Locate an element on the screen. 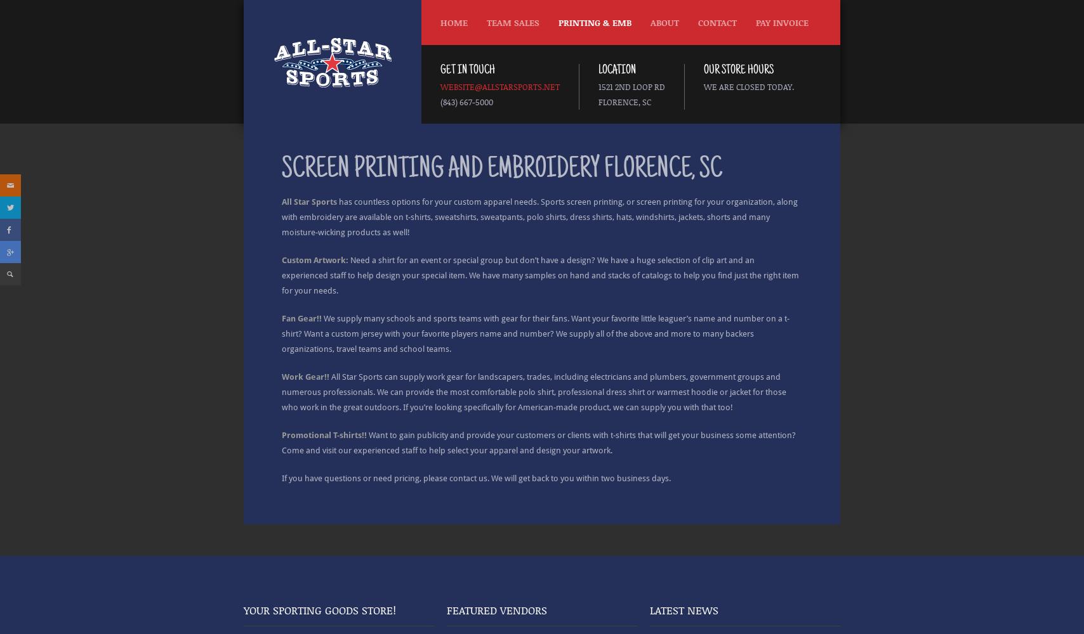  'Location' is located at coordinates (616, 70).